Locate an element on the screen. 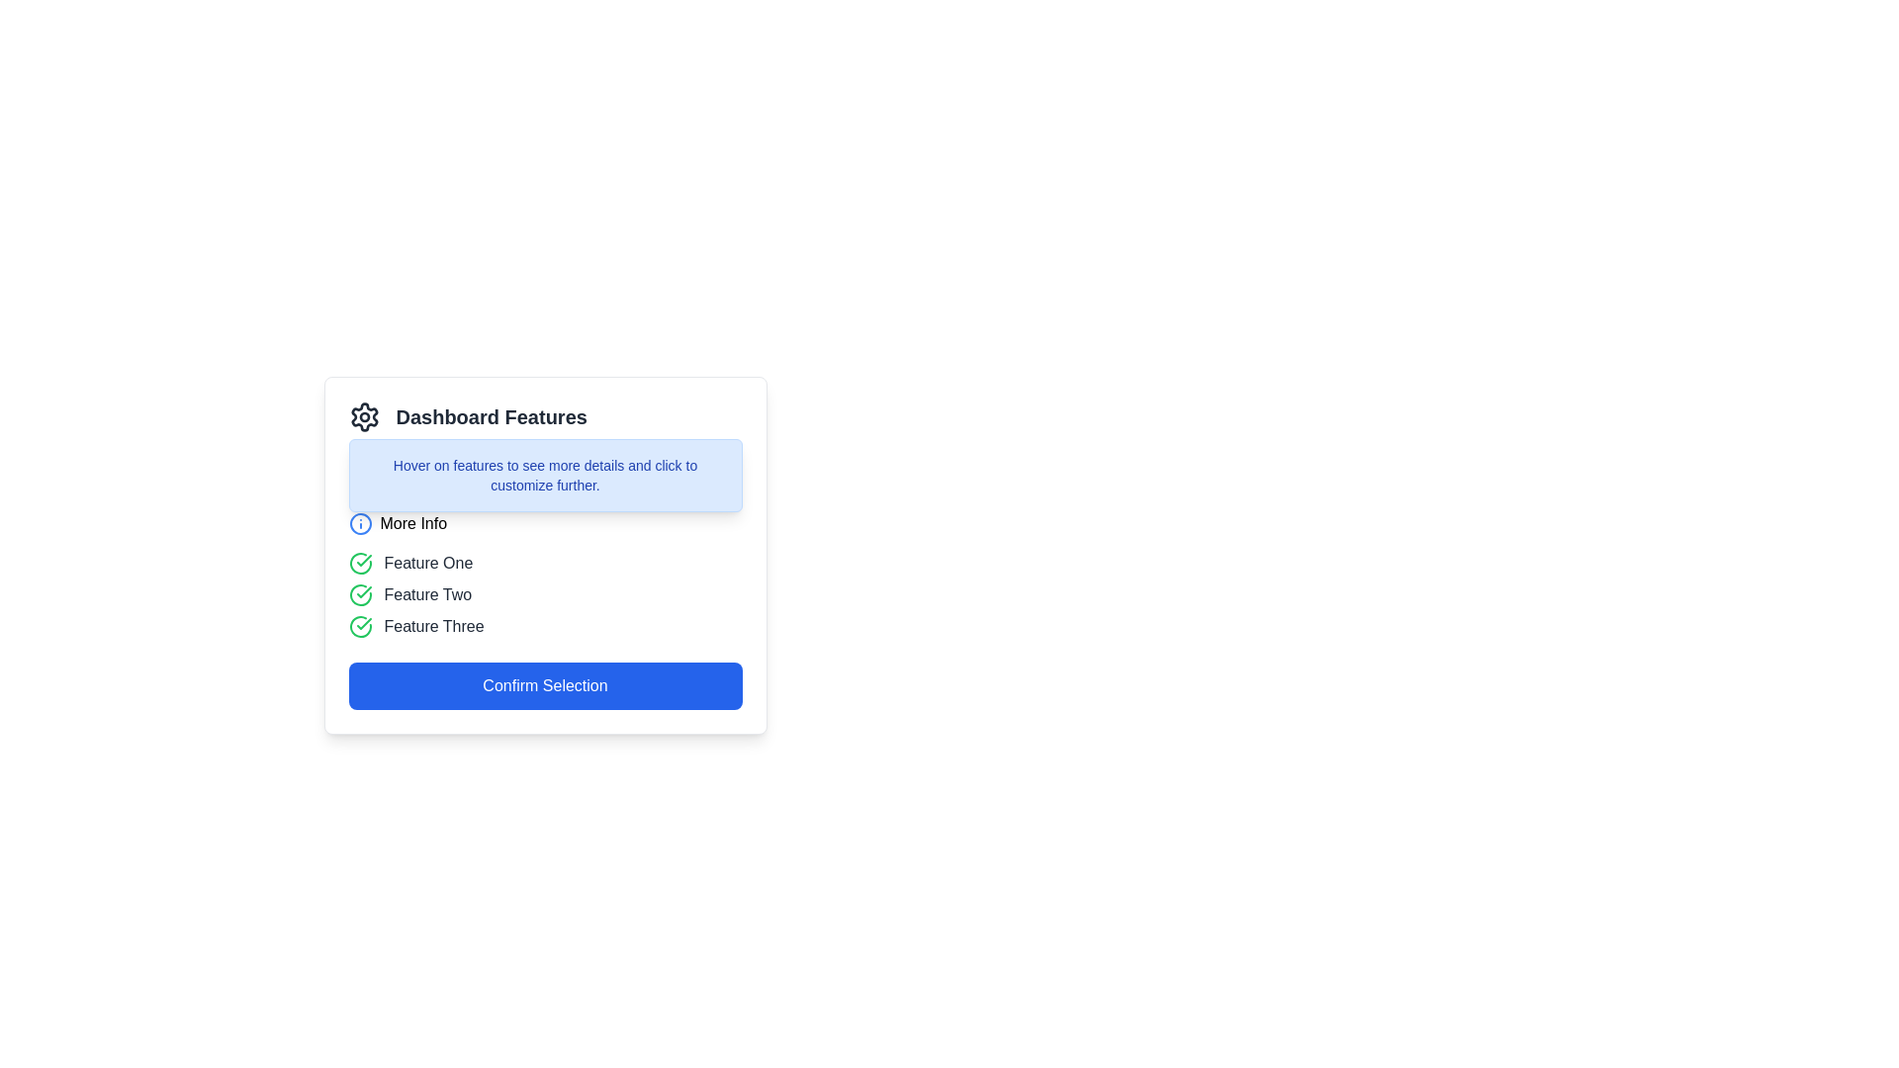 The height and width of the screenshot is (1068, 1899). the green circular icon with a checkmark symbol is located at coordinates (360, 564).